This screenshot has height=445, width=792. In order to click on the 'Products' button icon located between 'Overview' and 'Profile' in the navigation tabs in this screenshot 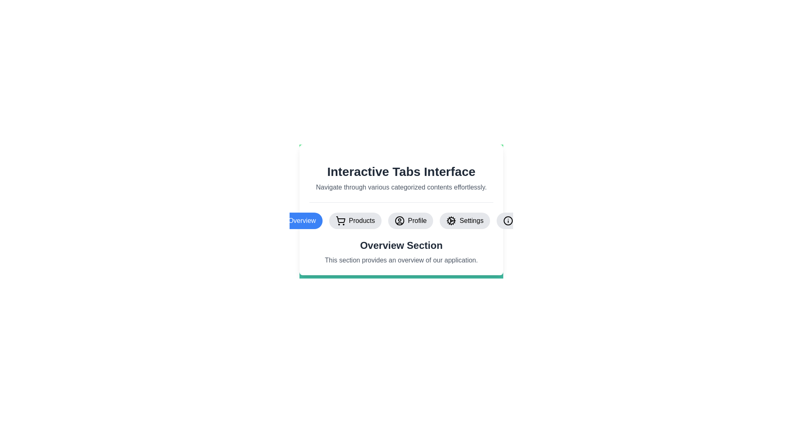, I will do `click(340, 220)`.